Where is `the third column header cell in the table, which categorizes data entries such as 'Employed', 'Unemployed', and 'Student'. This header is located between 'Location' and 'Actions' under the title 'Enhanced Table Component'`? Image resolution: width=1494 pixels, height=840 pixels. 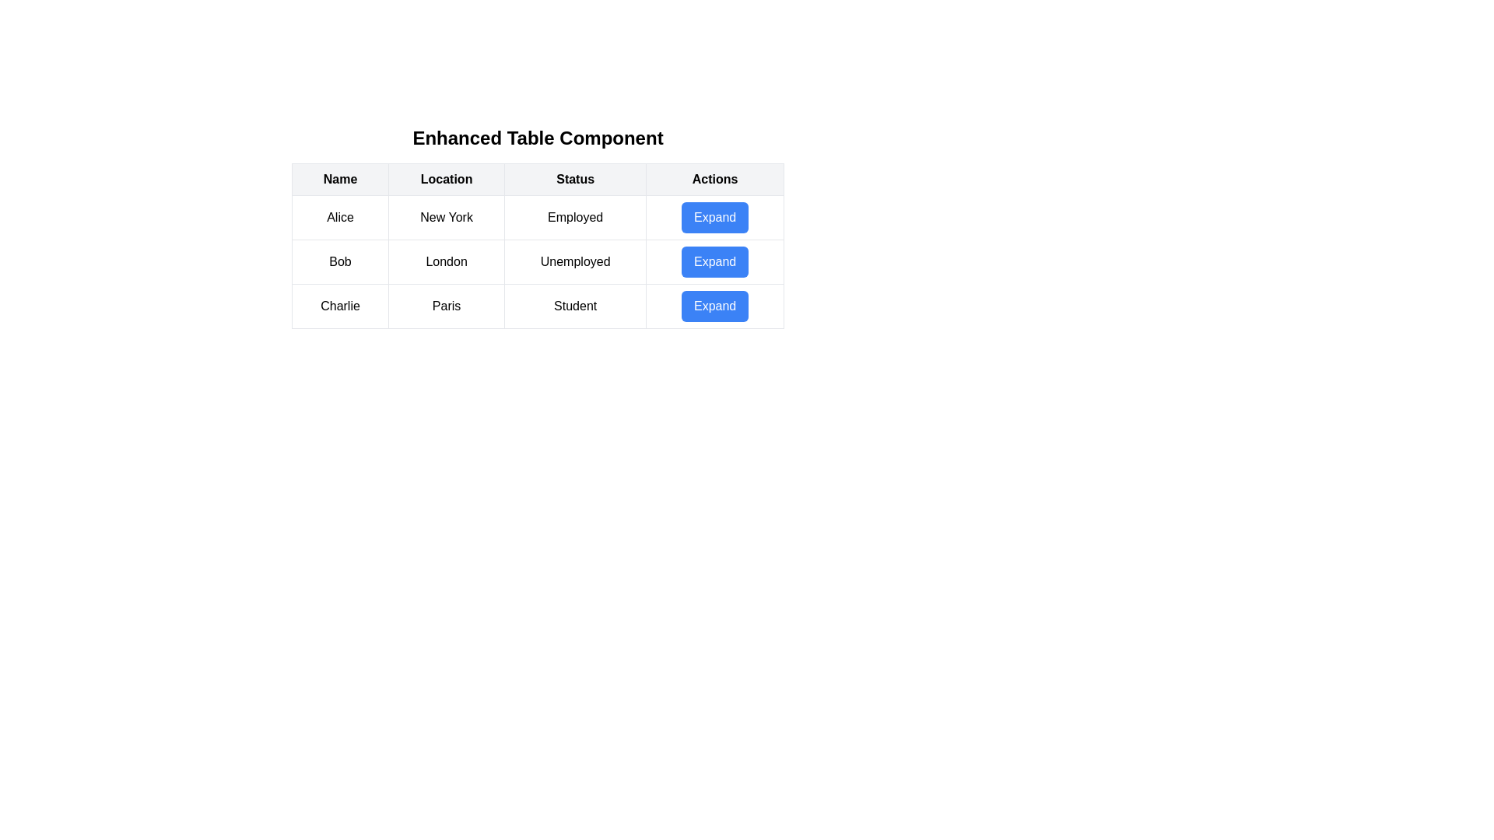 the third column header cell in the table, which categorizes data entries such as 'Employed', 'Unemployed', and 'Student'. This header is located between 'Location' and 'Actions' under the title 'Enhanced Table Component' is located at coordinates (574, 179).